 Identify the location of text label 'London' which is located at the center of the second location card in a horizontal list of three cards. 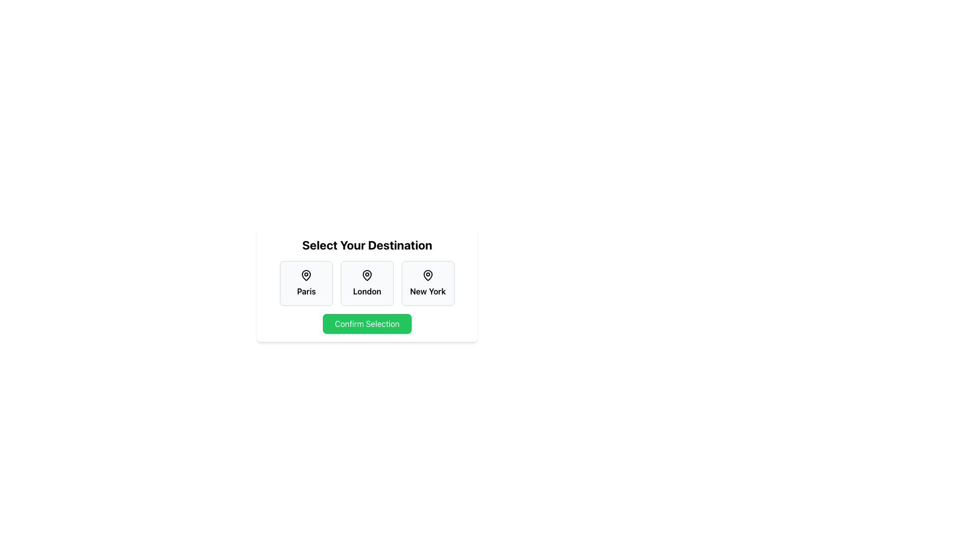
(366, 291).